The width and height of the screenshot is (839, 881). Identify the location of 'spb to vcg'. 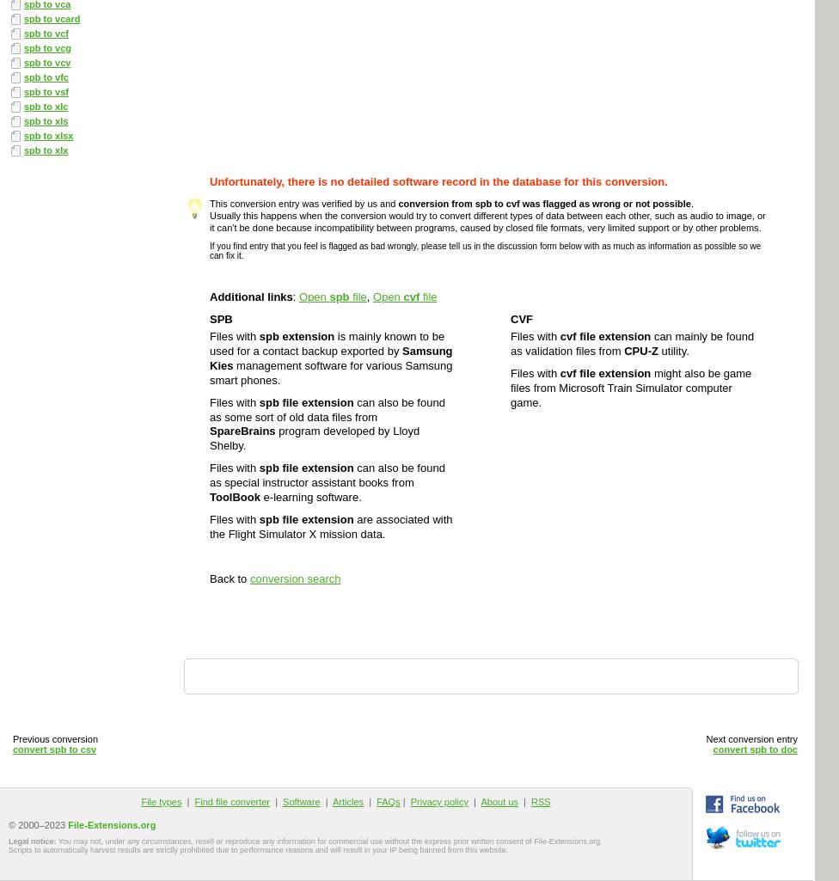
(47, 46).